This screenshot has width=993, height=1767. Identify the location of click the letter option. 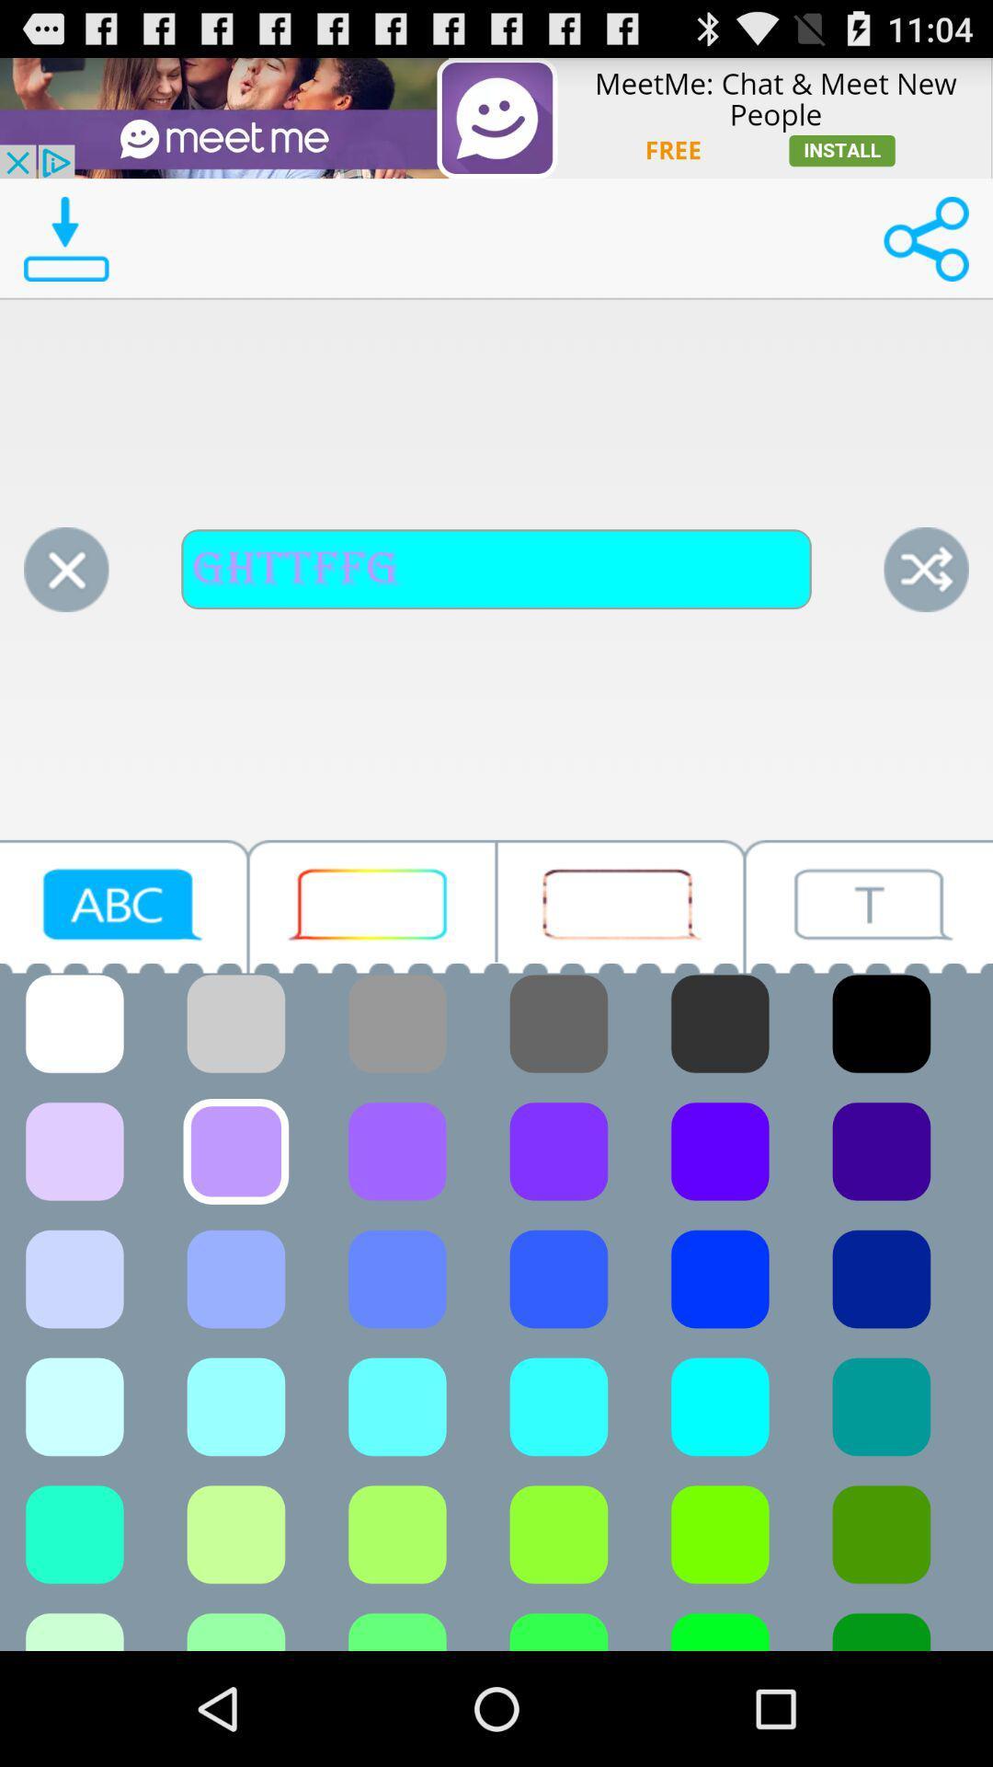
(124, 907).